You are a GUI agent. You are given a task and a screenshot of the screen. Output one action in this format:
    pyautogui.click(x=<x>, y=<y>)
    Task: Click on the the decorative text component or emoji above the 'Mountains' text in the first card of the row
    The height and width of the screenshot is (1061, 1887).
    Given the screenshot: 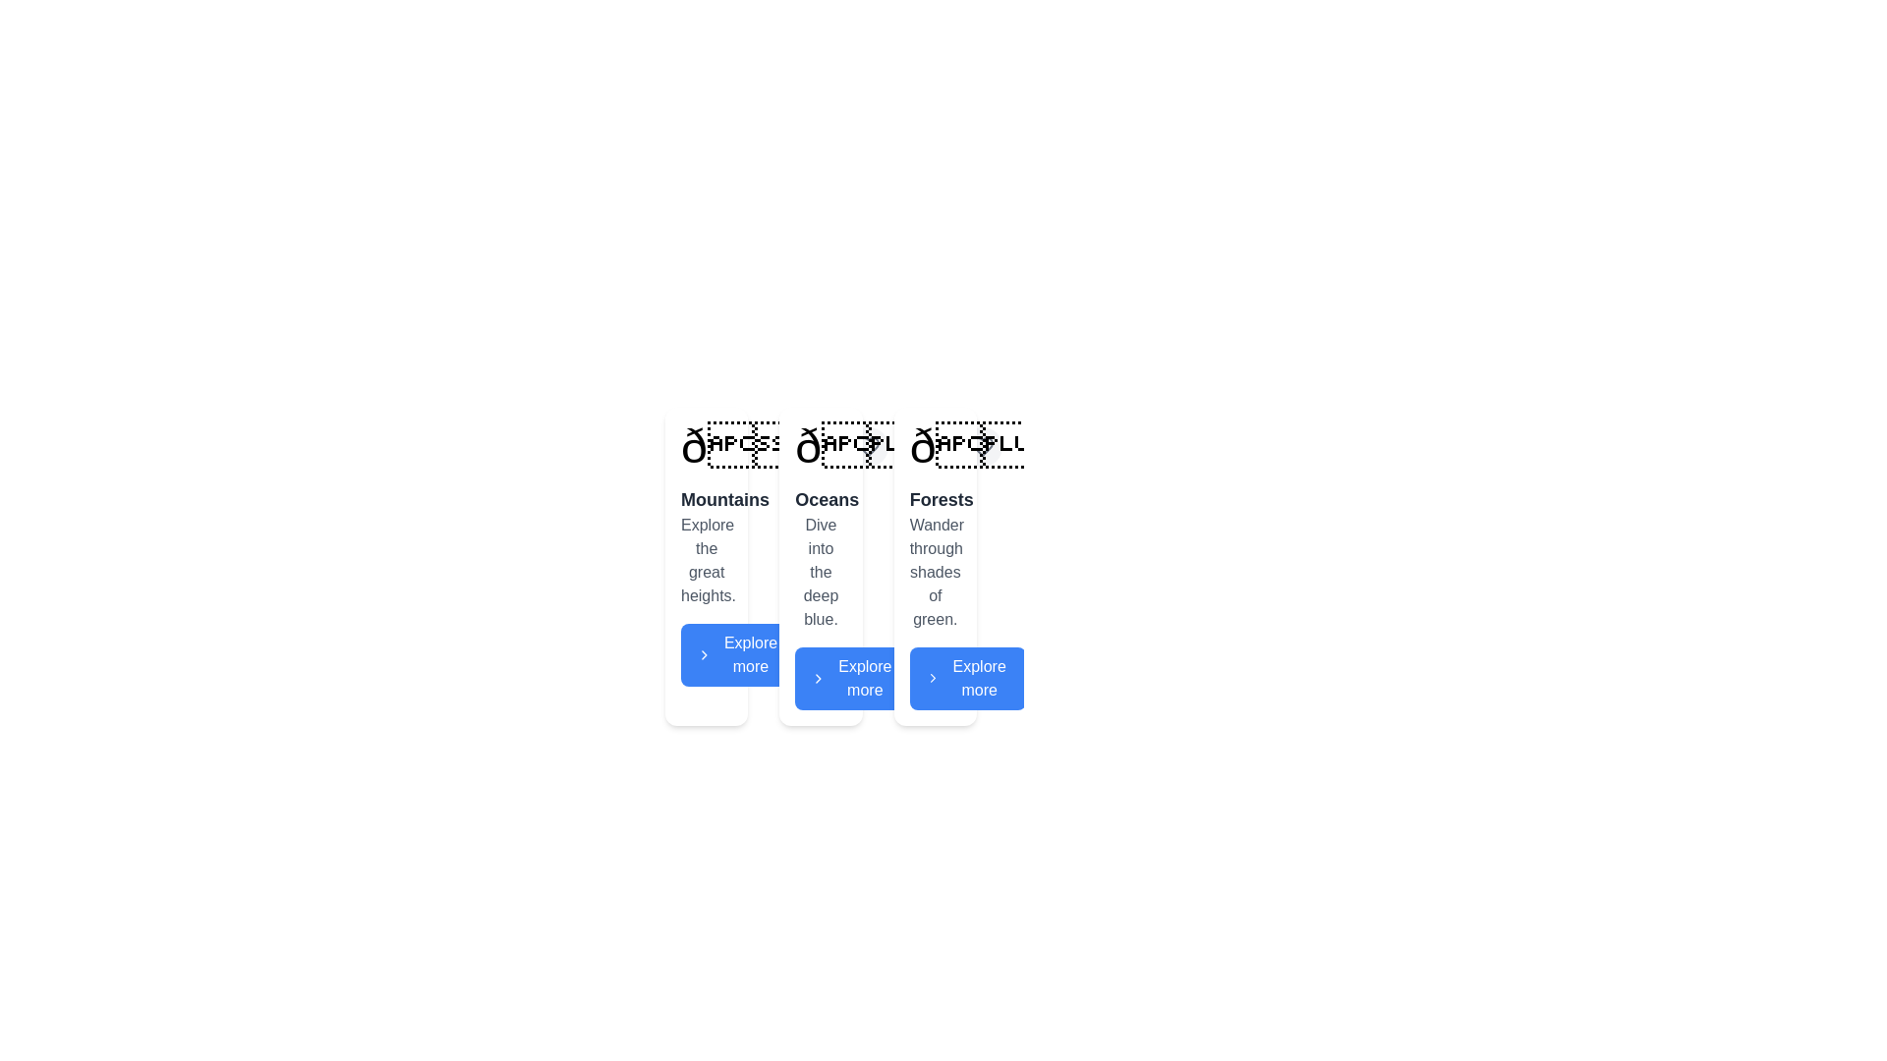 What is the action you would take?
    pyautogui.click(x=764, y=447)
    